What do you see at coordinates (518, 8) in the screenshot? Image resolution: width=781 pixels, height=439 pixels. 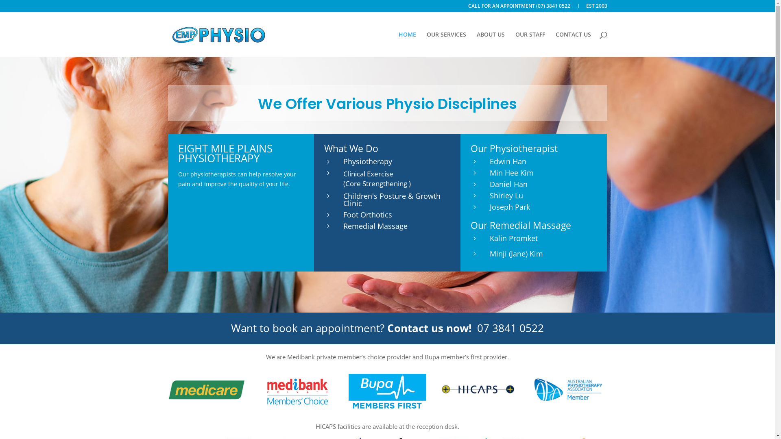 I see `'CALL FOR AN APPOINTMENT (07) 3841 0522'` at bounding box center [518, 8].